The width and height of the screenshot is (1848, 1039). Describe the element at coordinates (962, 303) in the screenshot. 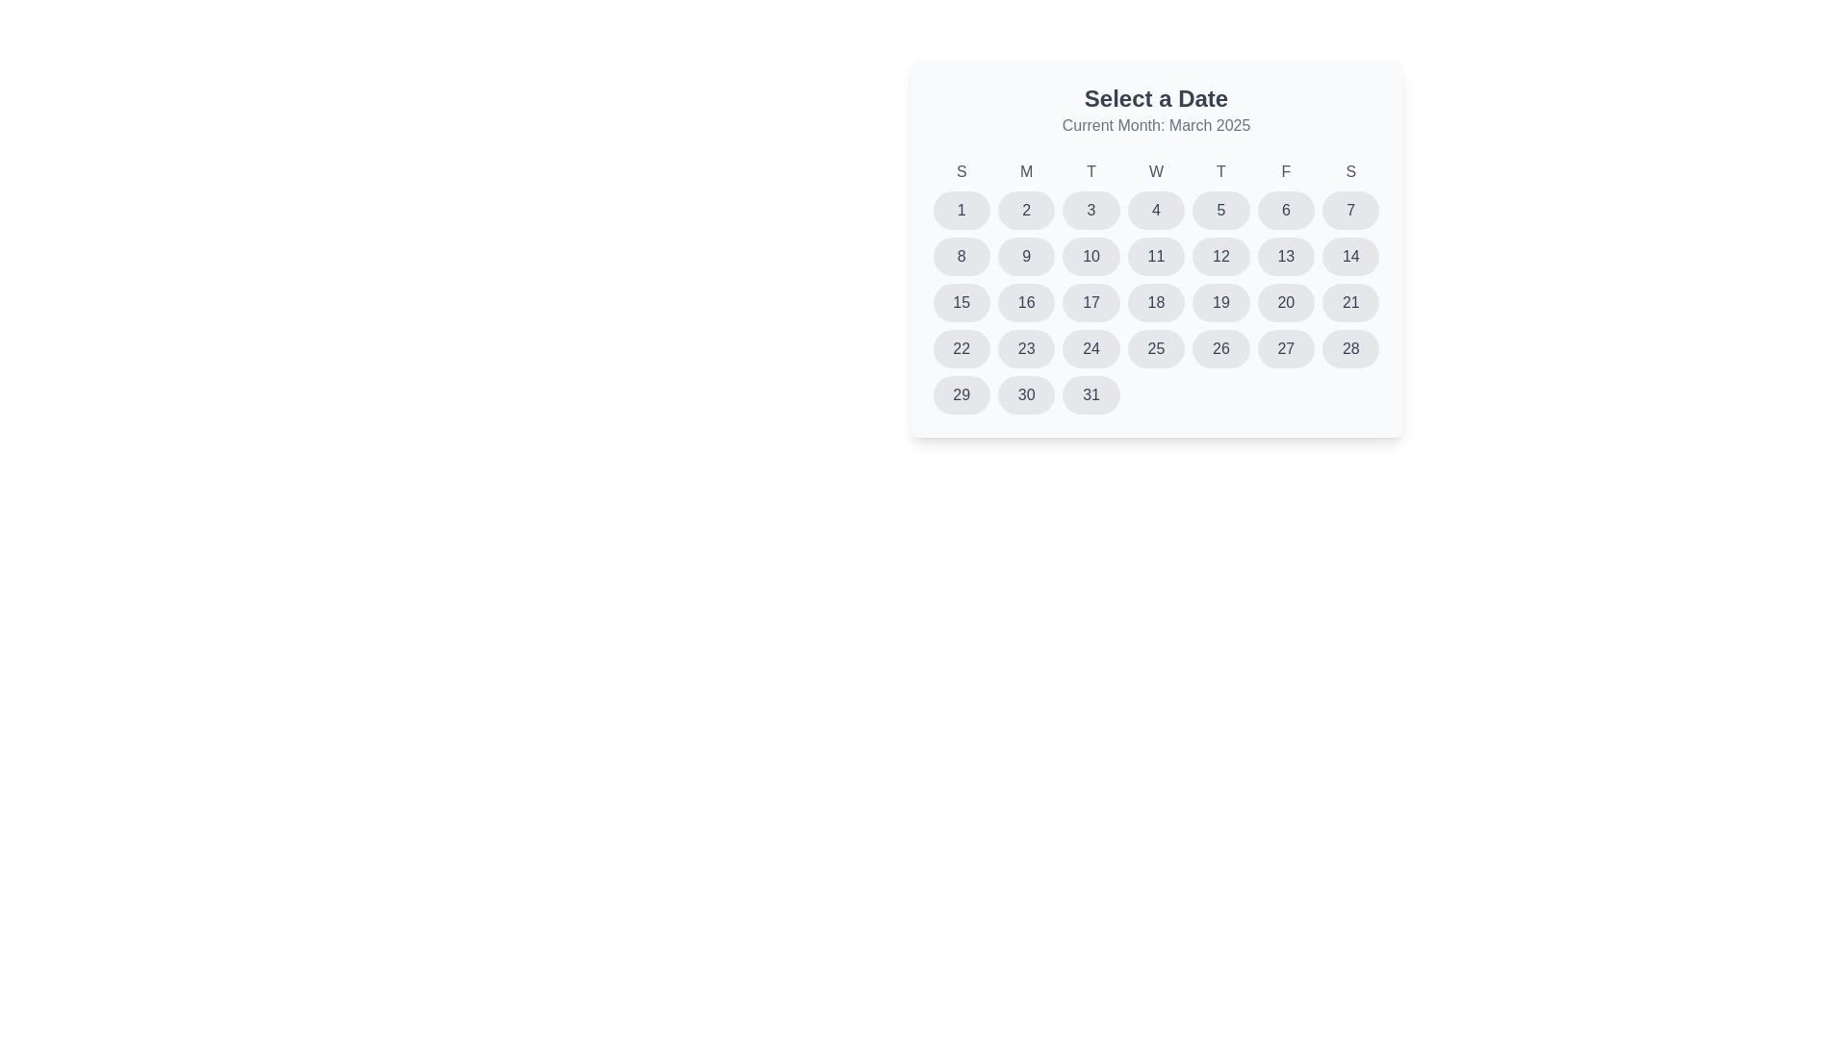

I see `the selectable date button representing the 15th day of the month in the calendar interface` at that location.